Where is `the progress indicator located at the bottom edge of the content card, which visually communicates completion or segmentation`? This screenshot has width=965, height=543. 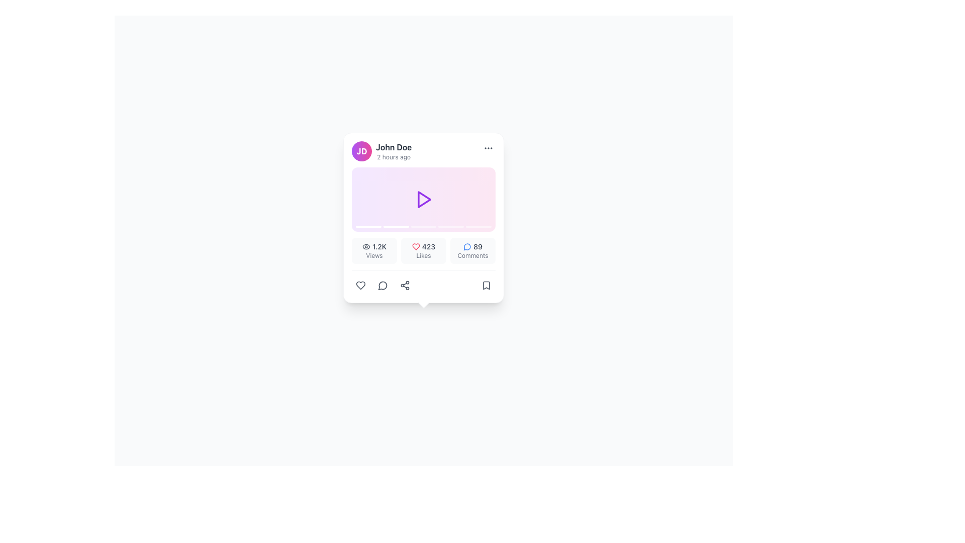
the progress indicator located at the bottom edge of the content card, which visually communicates completion or segmentation is located at coordinates (424, 227).